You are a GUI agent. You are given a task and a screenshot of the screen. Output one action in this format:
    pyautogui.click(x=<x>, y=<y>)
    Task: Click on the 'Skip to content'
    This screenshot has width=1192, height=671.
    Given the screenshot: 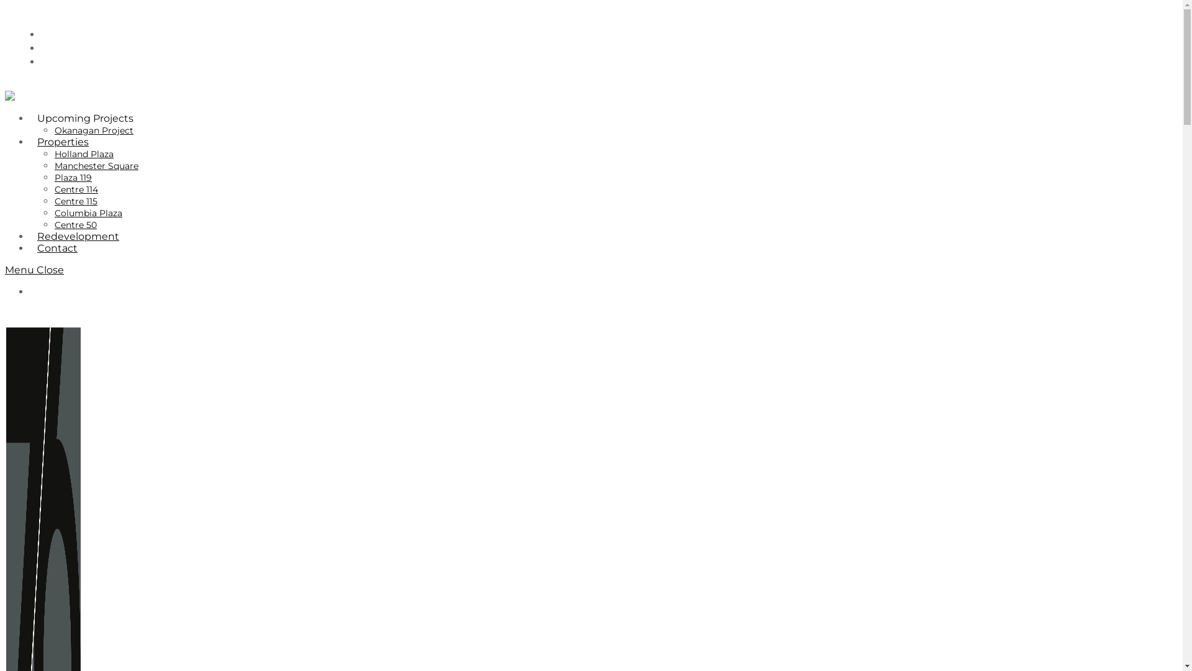 What is the action you would take?
    pyautogui.click(x=4, y=4)
    